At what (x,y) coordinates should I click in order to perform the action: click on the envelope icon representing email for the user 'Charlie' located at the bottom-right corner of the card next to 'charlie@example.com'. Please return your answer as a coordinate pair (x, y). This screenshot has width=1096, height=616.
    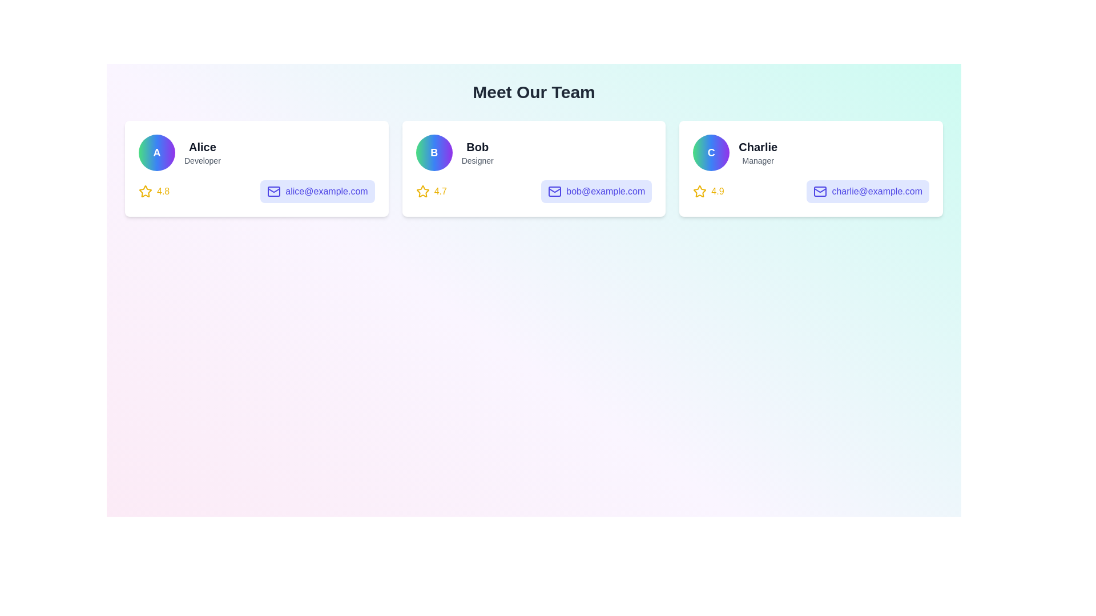
    Looking at the image, I should click on (820, 191).